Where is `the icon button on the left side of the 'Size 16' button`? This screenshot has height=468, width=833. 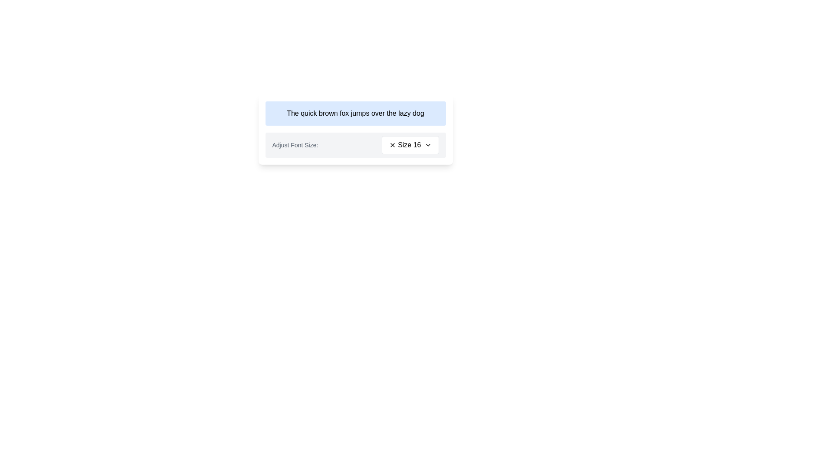 the icon button on the left side of the 'Size 16' button is located at coordinates (392, 145).